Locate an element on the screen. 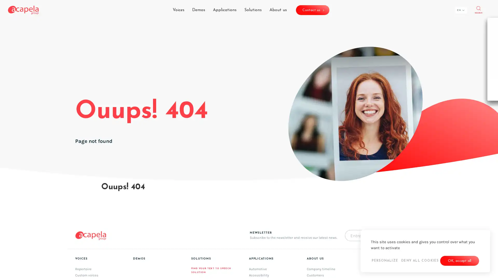 This screenshot has width=498, height=280. OK, accept all is located at coordinates (459, 261).